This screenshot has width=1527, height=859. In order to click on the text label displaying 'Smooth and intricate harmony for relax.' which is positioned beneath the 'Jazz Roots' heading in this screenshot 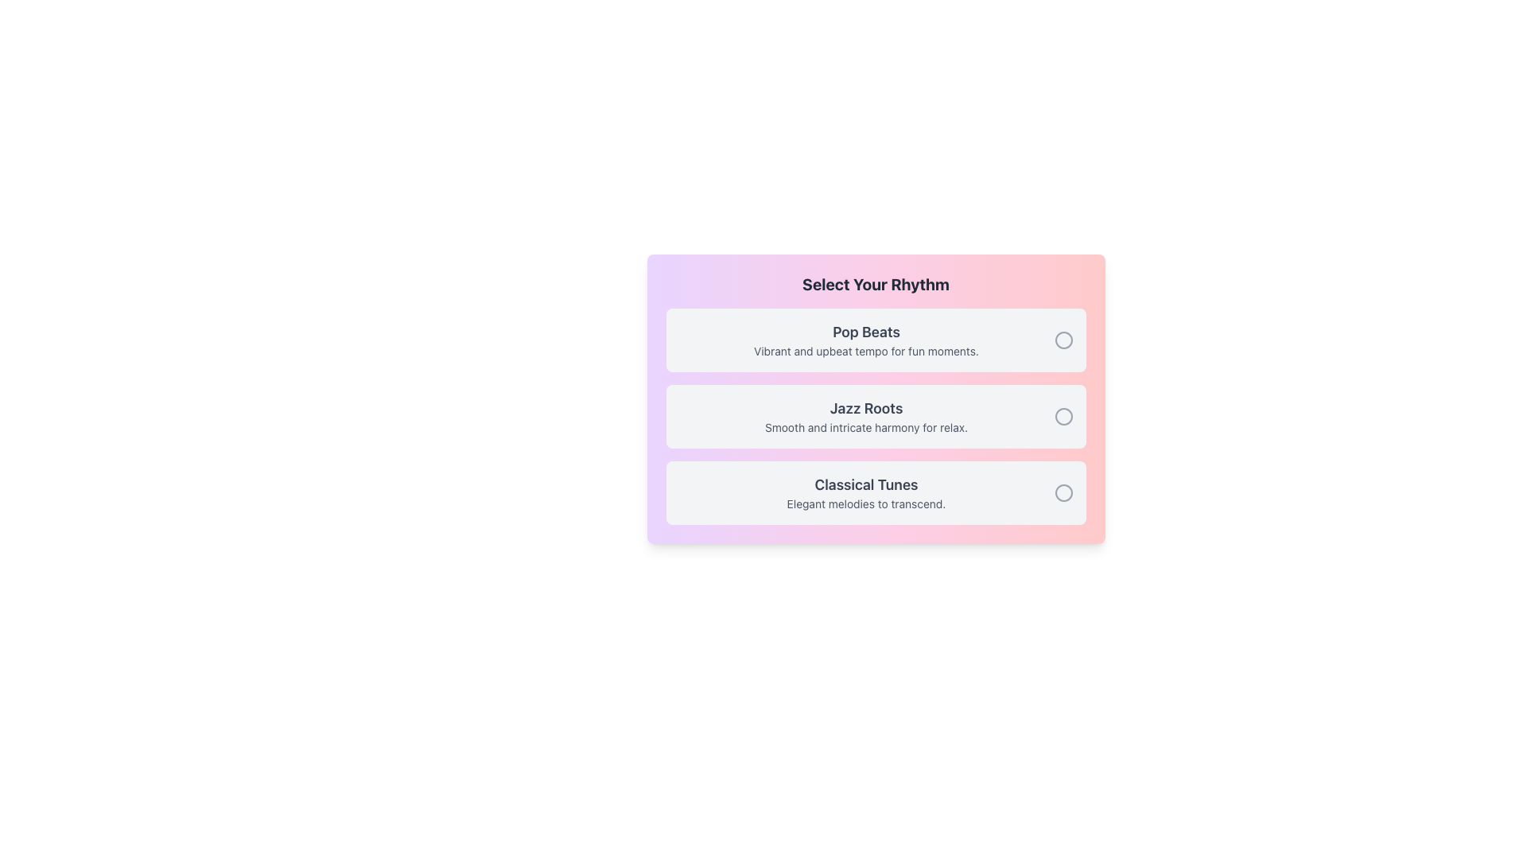, I will do `click(865, 426)`.